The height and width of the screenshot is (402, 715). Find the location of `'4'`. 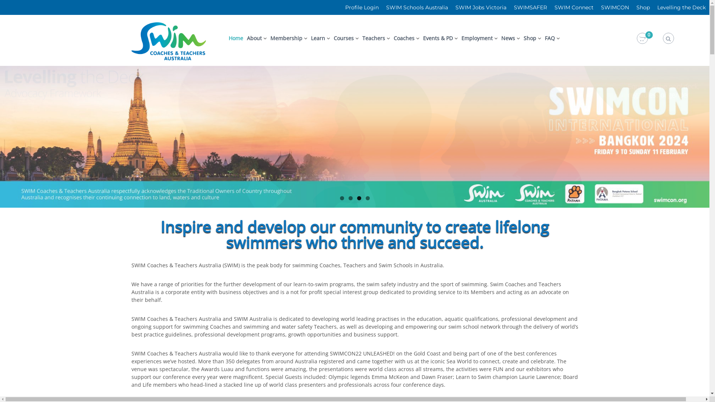

'4' is located at coordinates (368, 198).